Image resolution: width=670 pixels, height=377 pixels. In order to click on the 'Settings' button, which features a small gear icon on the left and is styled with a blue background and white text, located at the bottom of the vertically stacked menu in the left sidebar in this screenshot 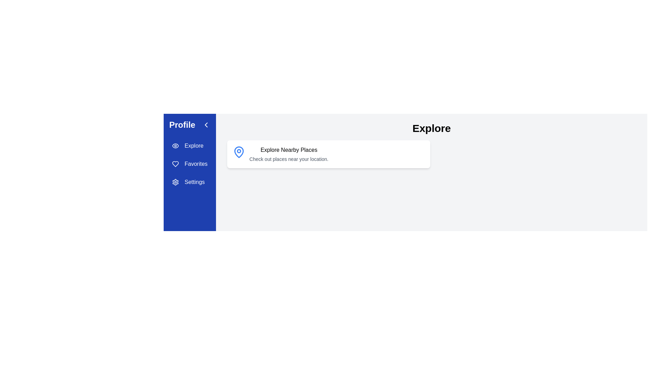, I will do `click(189, 182)`.